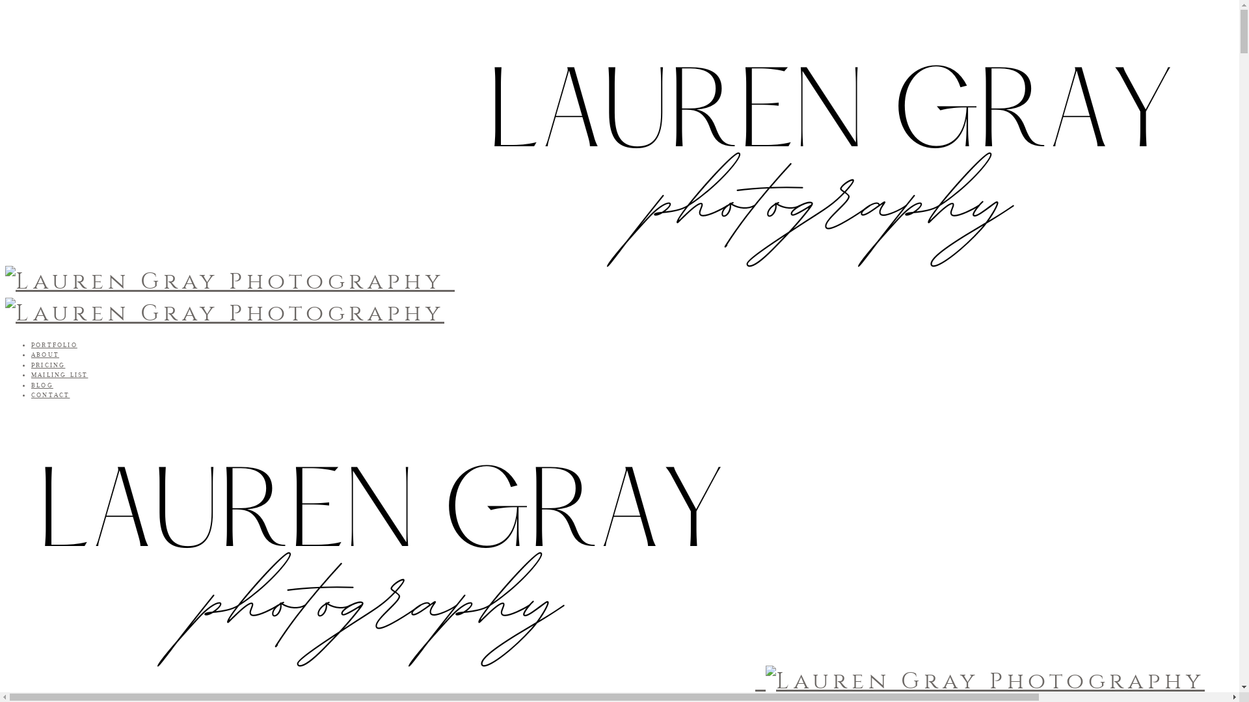  What do you see at coordinates (47, 365) in the screenshot?
I see `'PRICING'` at bounding box center [47, 365].